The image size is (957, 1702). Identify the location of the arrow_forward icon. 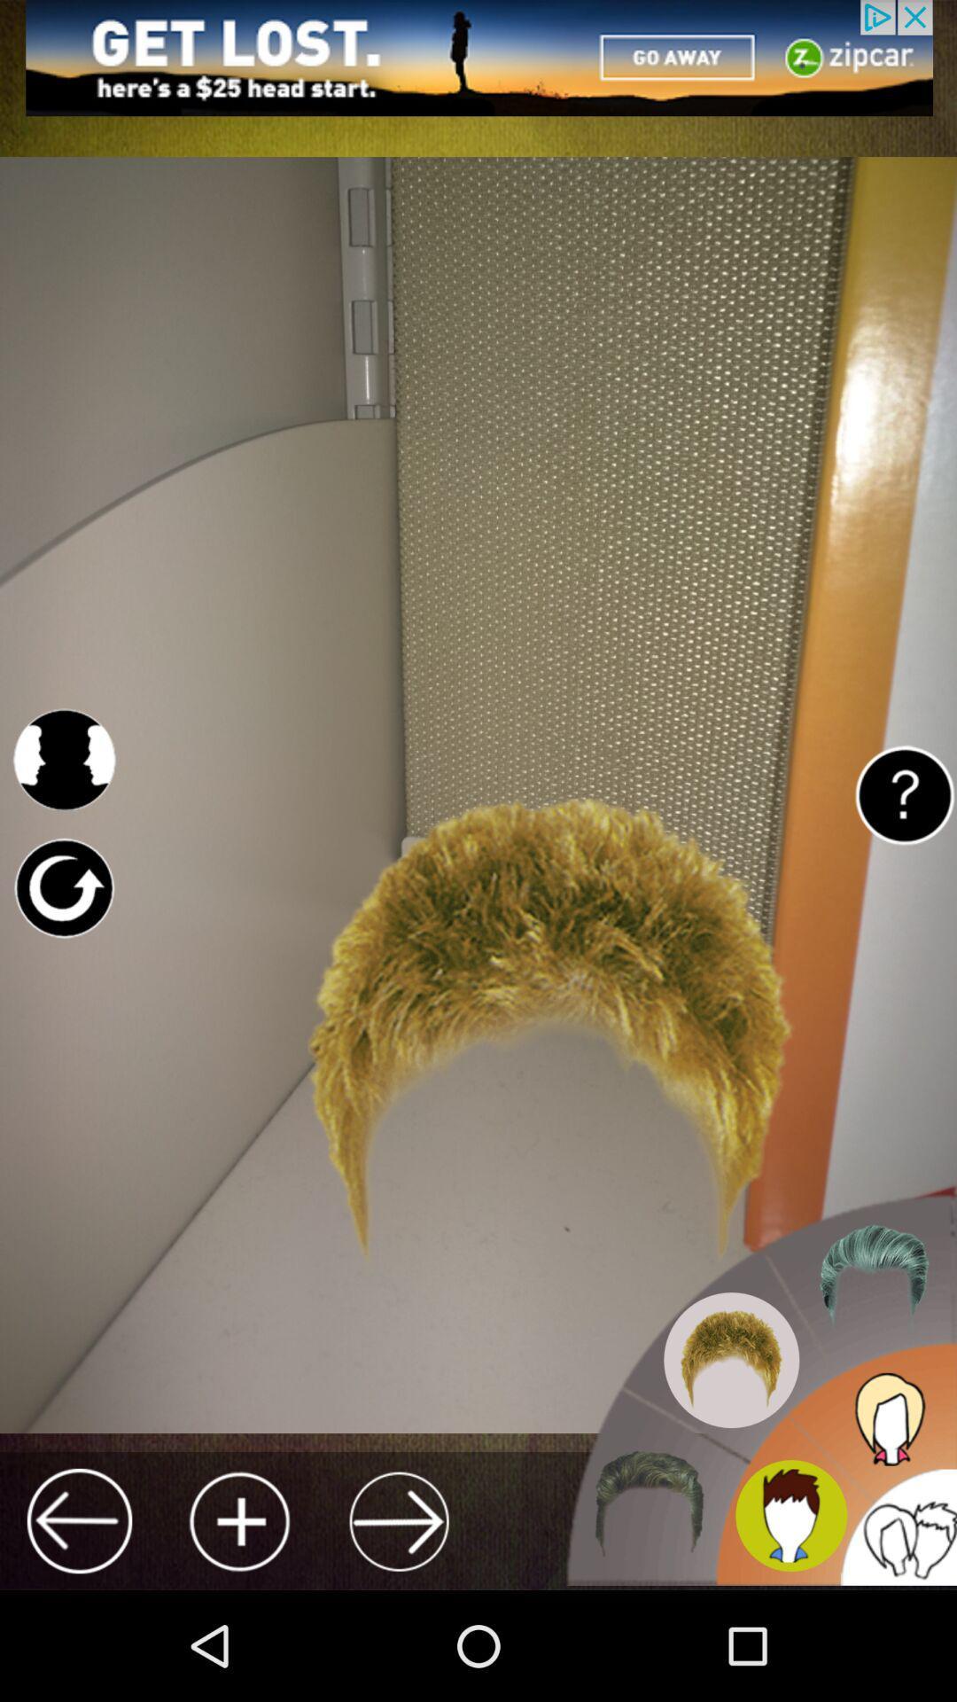
(399, 1628).